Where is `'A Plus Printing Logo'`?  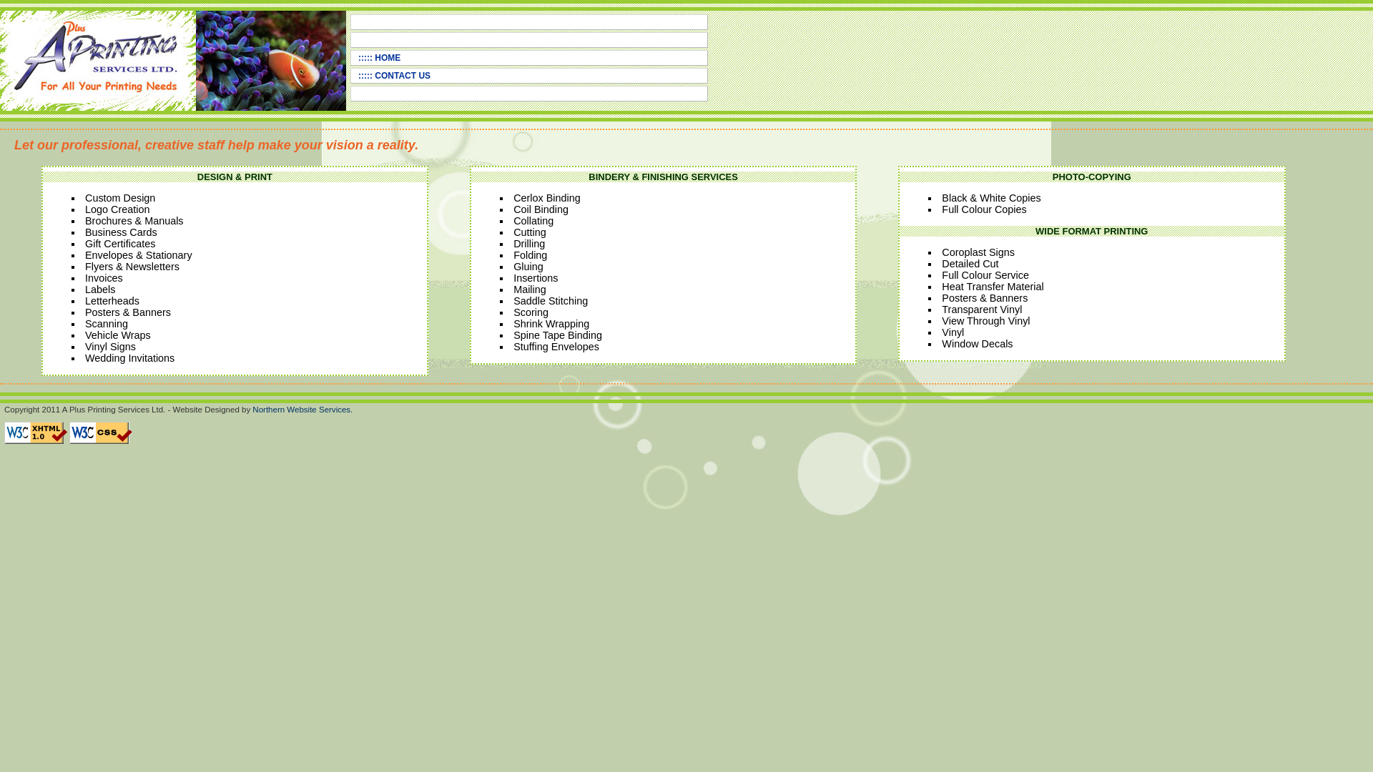 'A Plus Printing Logo' is located at coordinates (97, 59).